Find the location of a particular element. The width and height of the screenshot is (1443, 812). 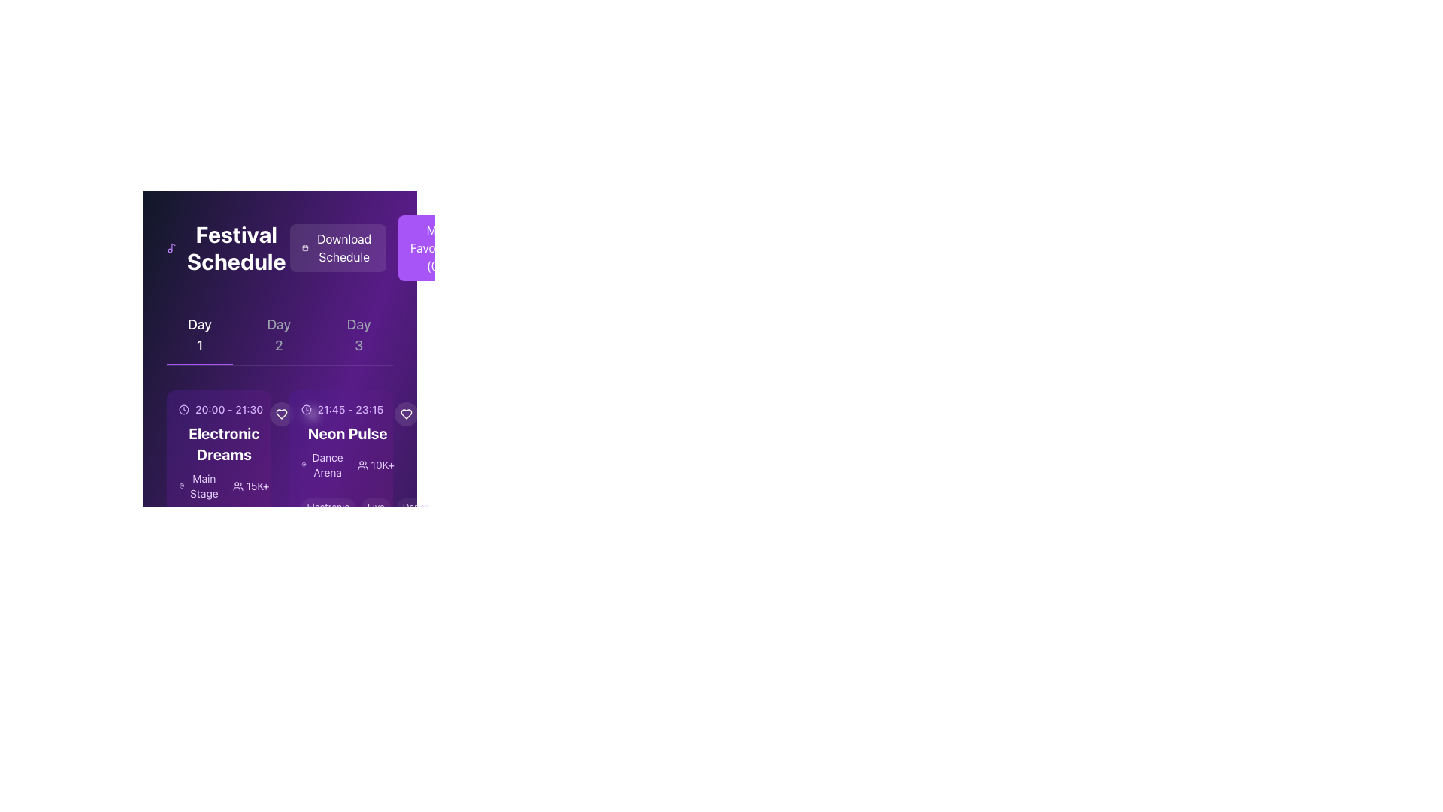

the outer circular boundary of the clock icon, which is a decorative component in the SVG located near the upper-middle section of the interface, just after the 'Day 1' tab and above the event 'Electronic Dreams' is located at coordinates (183, 409).